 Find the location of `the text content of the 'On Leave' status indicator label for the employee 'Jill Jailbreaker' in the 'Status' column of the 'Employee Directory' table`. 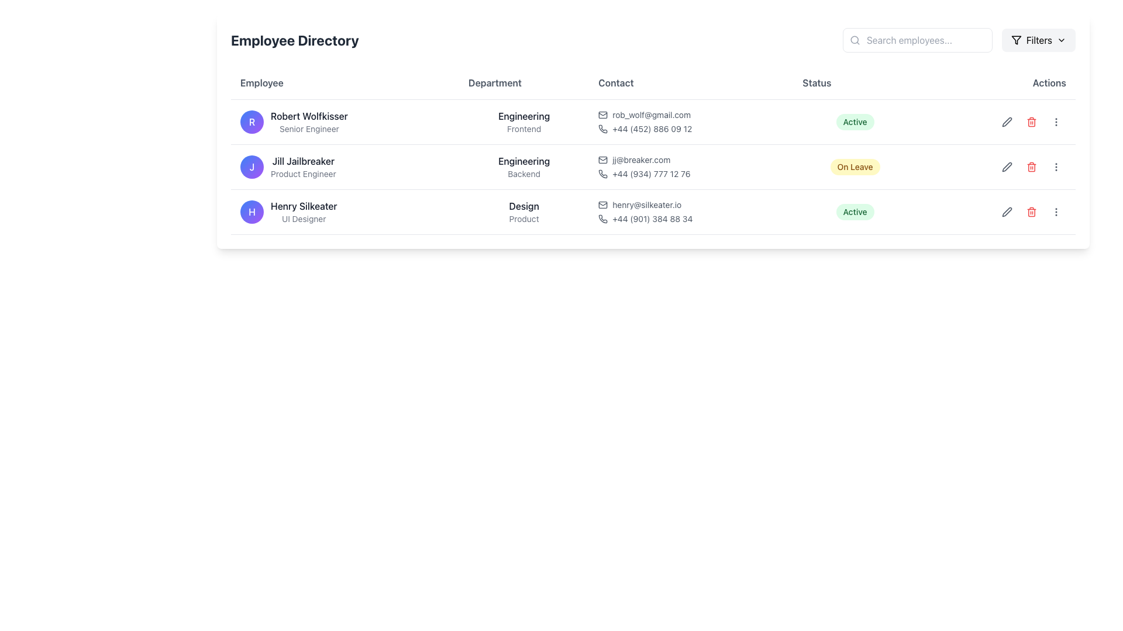

the text content of the 'On Leave' status indicator label for the employee 'Jill Jailbreaker' in the 'Status' column of the 'Employee Directory' table is located at coordinates (855, 167).